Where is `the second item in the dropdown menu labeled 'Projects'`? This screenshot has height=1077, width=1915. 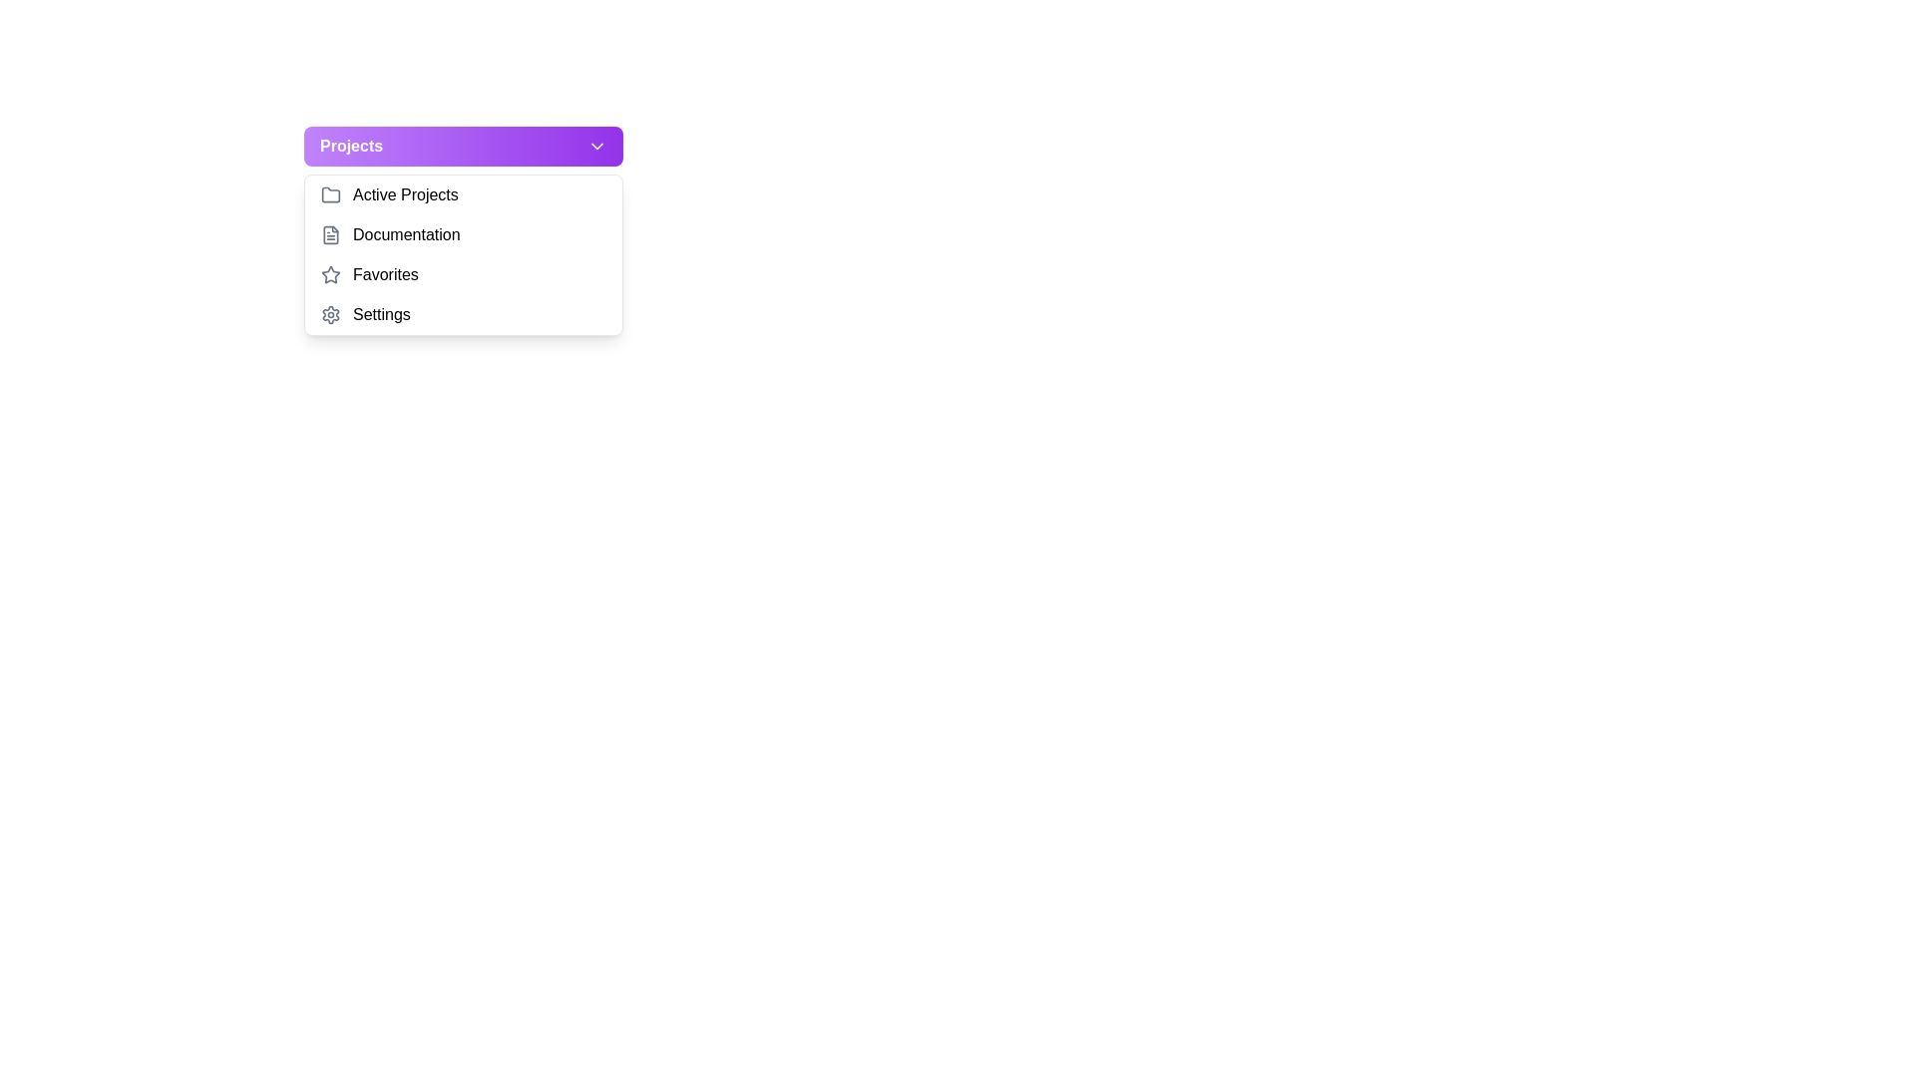 the second item in the dropdown menu labeled 'Projects' is located at coordinates (463, 233).